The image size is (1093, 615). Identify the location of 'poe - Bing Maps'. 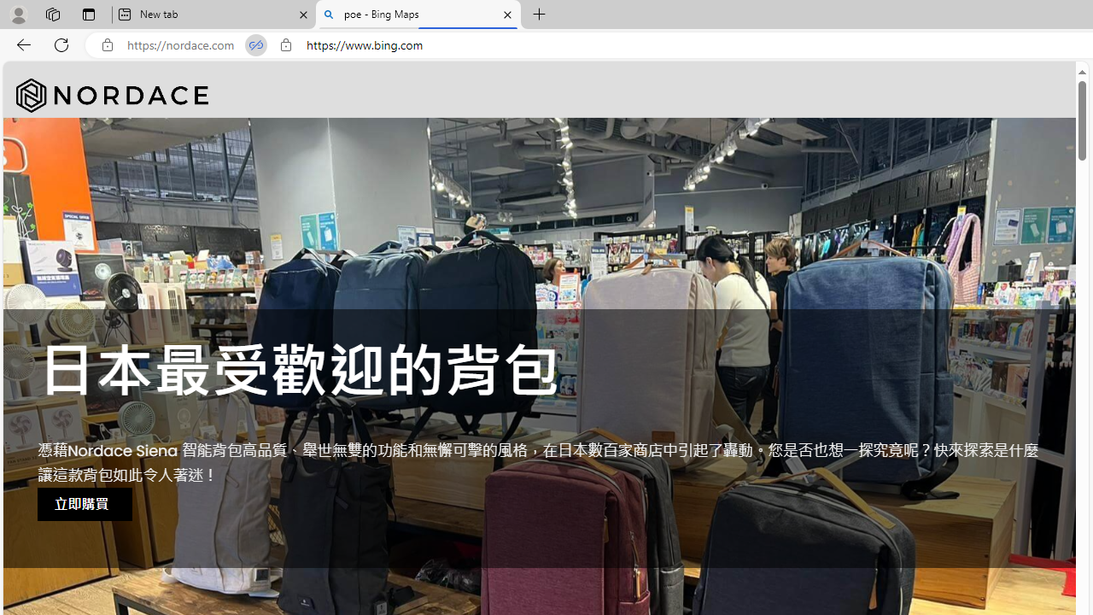
(418, 15).